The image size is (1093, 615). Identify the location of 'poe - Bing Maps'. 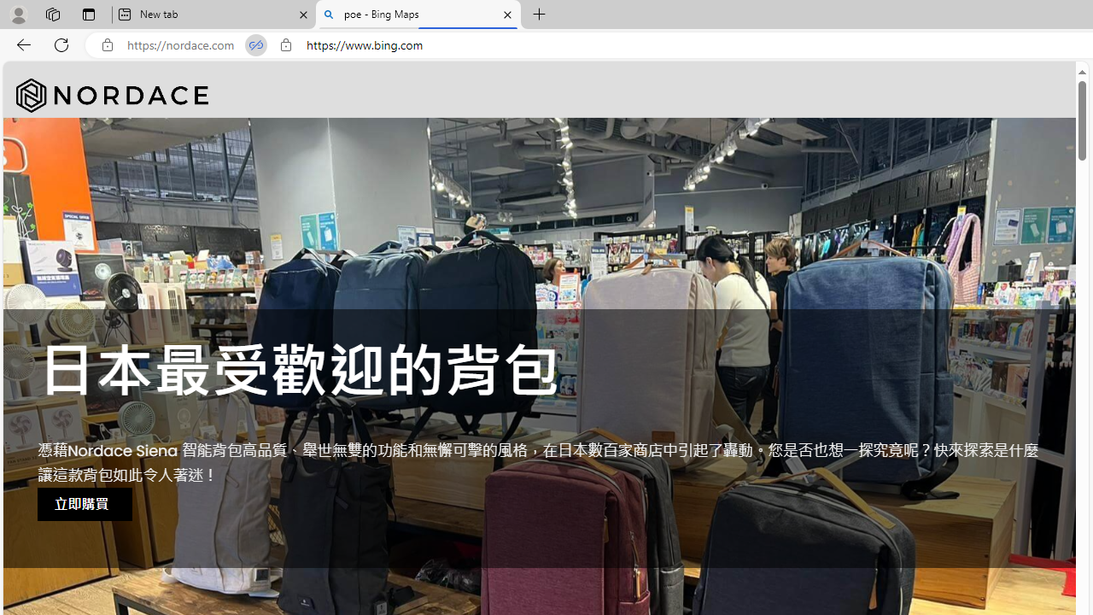
(418, 15).